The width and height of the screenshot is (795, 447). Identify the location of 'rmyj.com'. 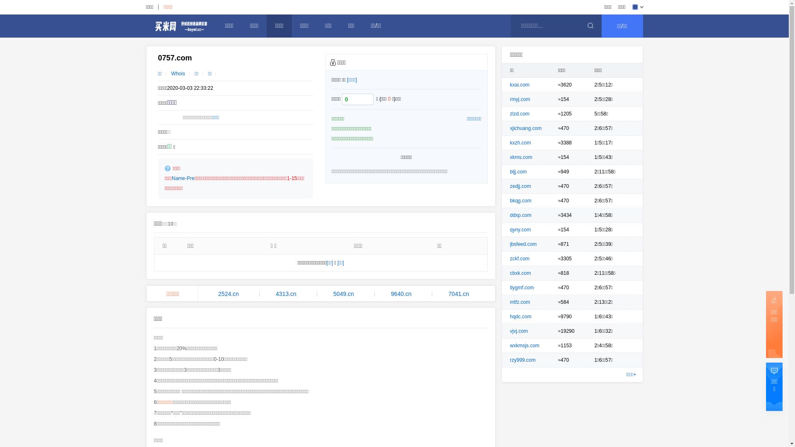
(510, 99).